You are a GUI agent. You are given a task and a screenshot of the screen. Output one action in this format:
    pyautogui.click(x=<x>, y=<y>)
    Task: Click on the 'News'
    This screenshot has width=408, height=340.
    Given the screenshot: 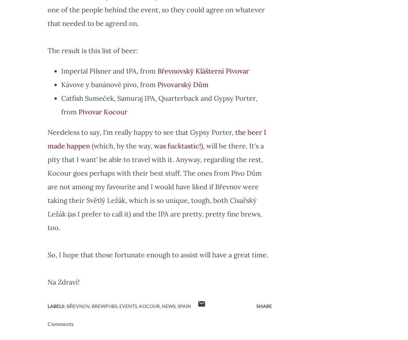 What is the action you would take?
    pyautogui.click(x=161, y=306)
    